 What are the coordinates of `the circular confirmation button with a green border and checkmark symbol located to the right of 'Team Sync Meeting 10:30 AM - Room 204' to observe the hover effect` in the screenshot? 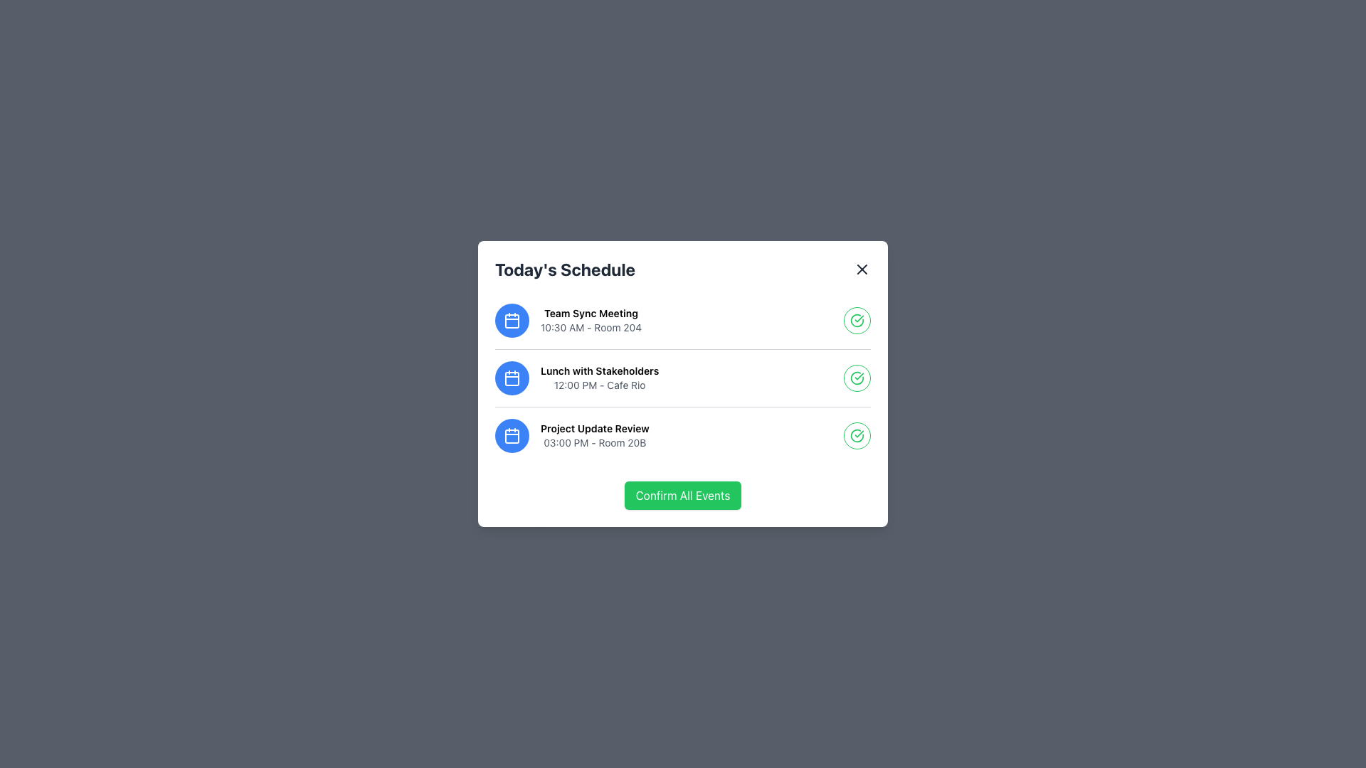 It's located at (856, 321).